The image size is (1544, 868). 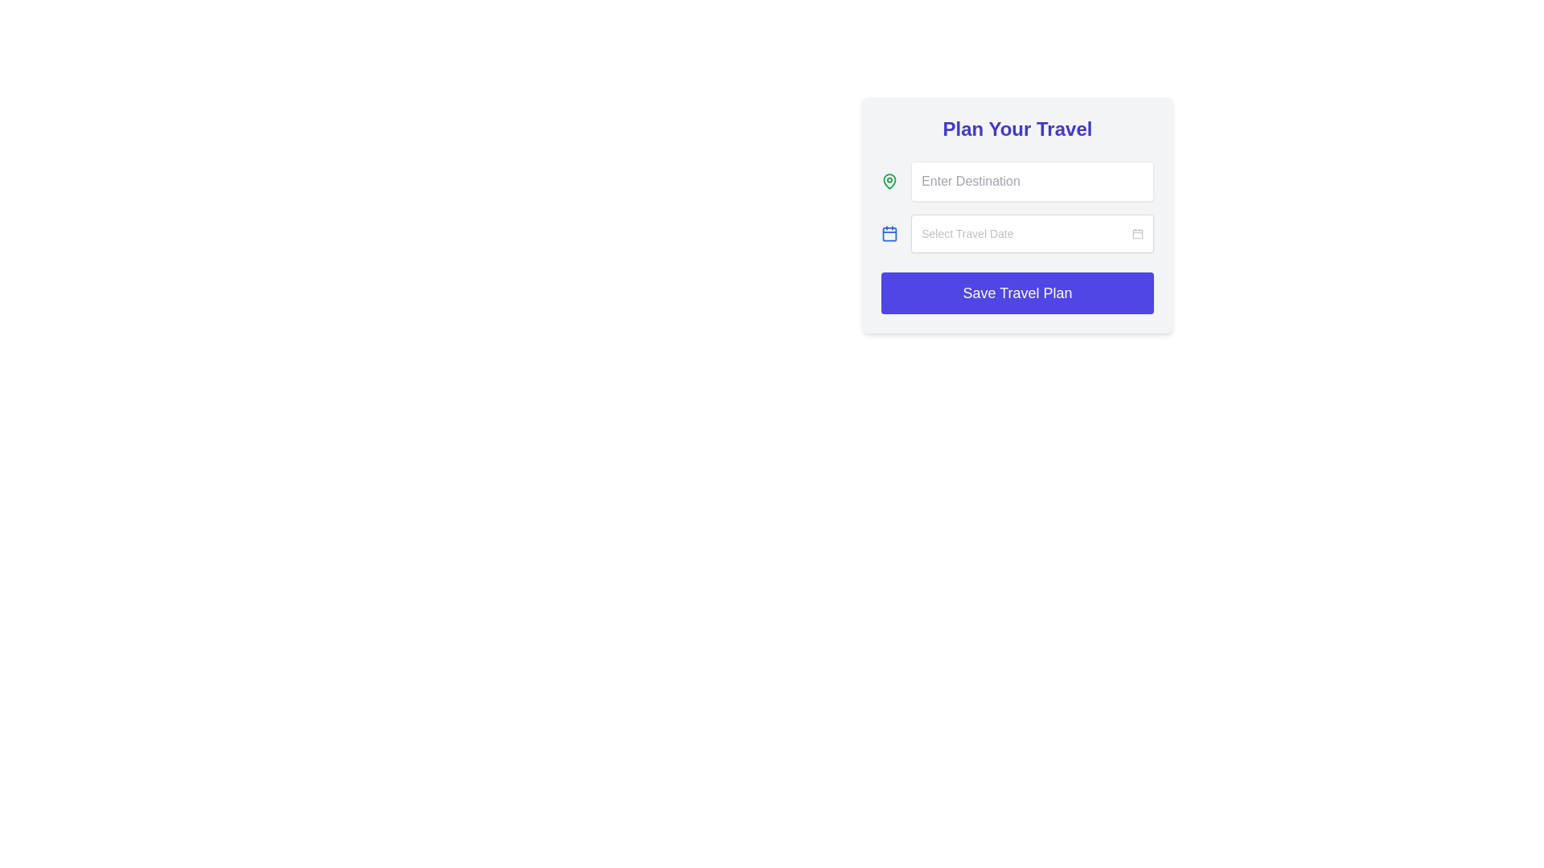 What do you see at coordinates (889, 233) in the screenshot?
I see `the blue calendar icon, which is the second icon to the left of the 'Select Travel Date' input in the 'Plan Your Travel' form, to invoke the date-picker` at bounding box center [889, 233].